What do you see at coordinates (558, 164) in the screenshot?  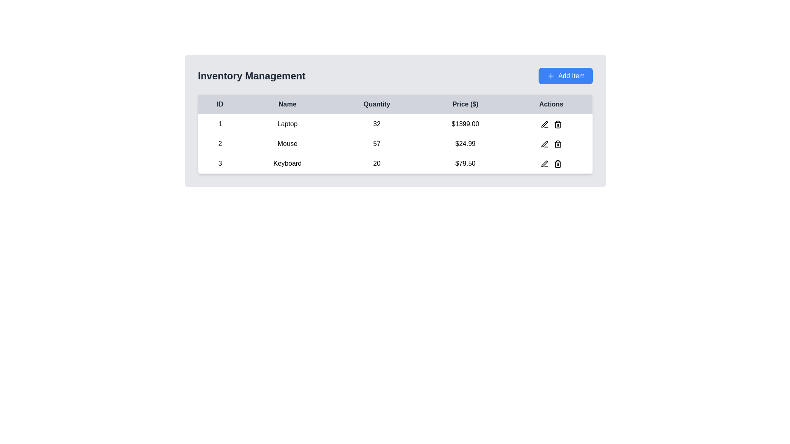 I see `the trash bin icon in the actions column` at bounding box center [558, 164].